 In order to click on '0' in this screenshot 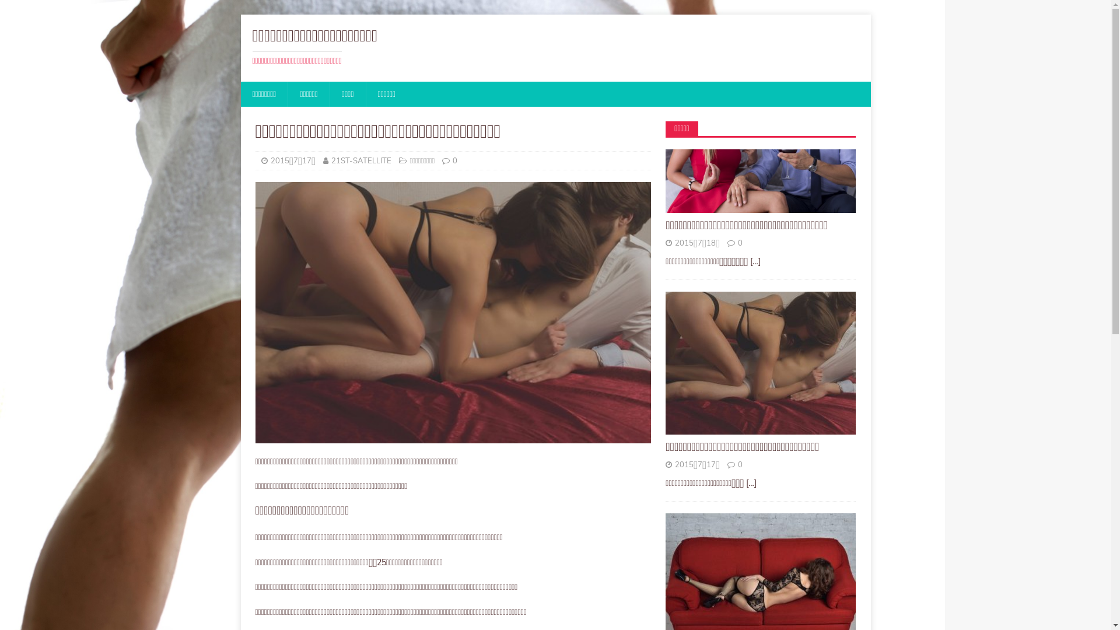, I will do `click(452, 160)`.